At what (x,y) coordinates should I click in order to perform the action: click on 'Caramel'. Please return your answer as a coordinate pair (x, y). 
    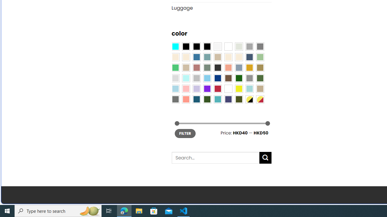
    Looking at the image, I should click on (228, 57).